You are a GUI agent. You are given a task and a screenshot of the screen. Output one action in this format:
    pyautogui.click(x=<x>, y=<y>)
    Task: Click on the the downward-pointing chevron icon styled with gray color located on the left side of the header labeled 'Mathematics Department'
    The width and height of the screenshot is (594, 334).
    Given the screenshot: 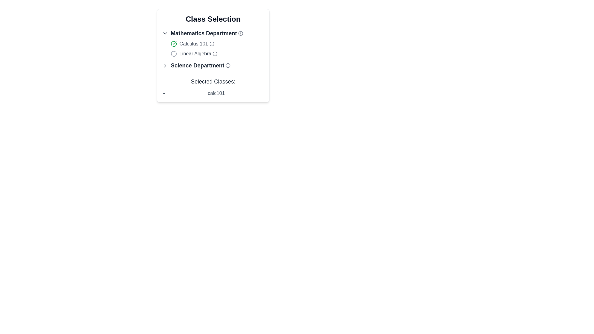 What is the action you would take?
    pyautogui.click(x=165, y=33)
    